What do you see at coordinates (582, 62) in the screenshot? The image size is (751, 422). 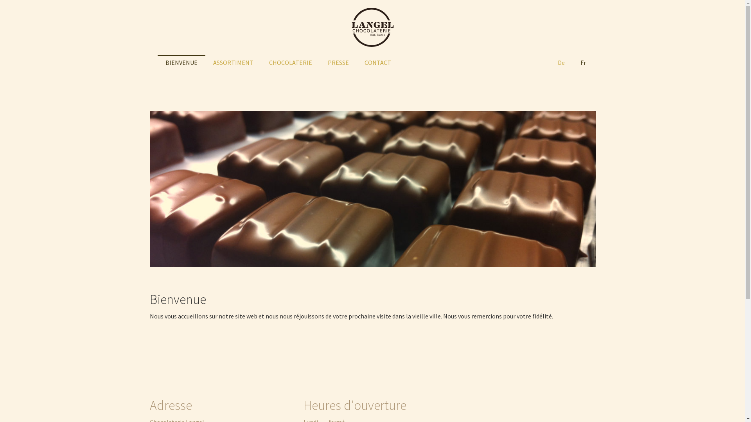 I see `'Fr'` at bounding box center [582, 62].